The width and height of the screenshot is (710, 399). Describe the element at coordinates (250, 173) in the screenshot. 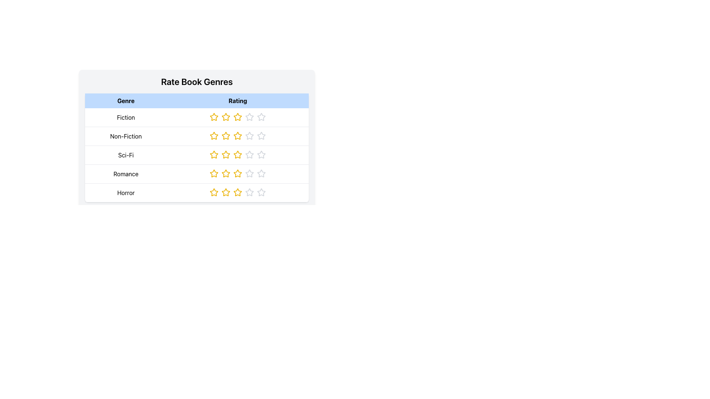

I see `the fourth star icon for rating in the 'Romance' genre` at that location.